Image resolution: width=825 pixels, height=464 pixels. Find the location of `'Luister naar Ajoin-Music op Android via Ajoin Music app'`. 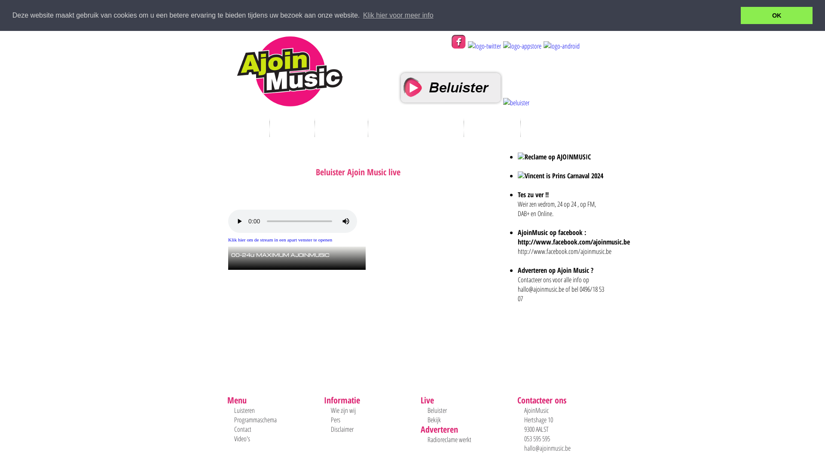

'Luister naar Ajoin-Music op Android via Ajoin Music app' is located at coordinates (560, 46).